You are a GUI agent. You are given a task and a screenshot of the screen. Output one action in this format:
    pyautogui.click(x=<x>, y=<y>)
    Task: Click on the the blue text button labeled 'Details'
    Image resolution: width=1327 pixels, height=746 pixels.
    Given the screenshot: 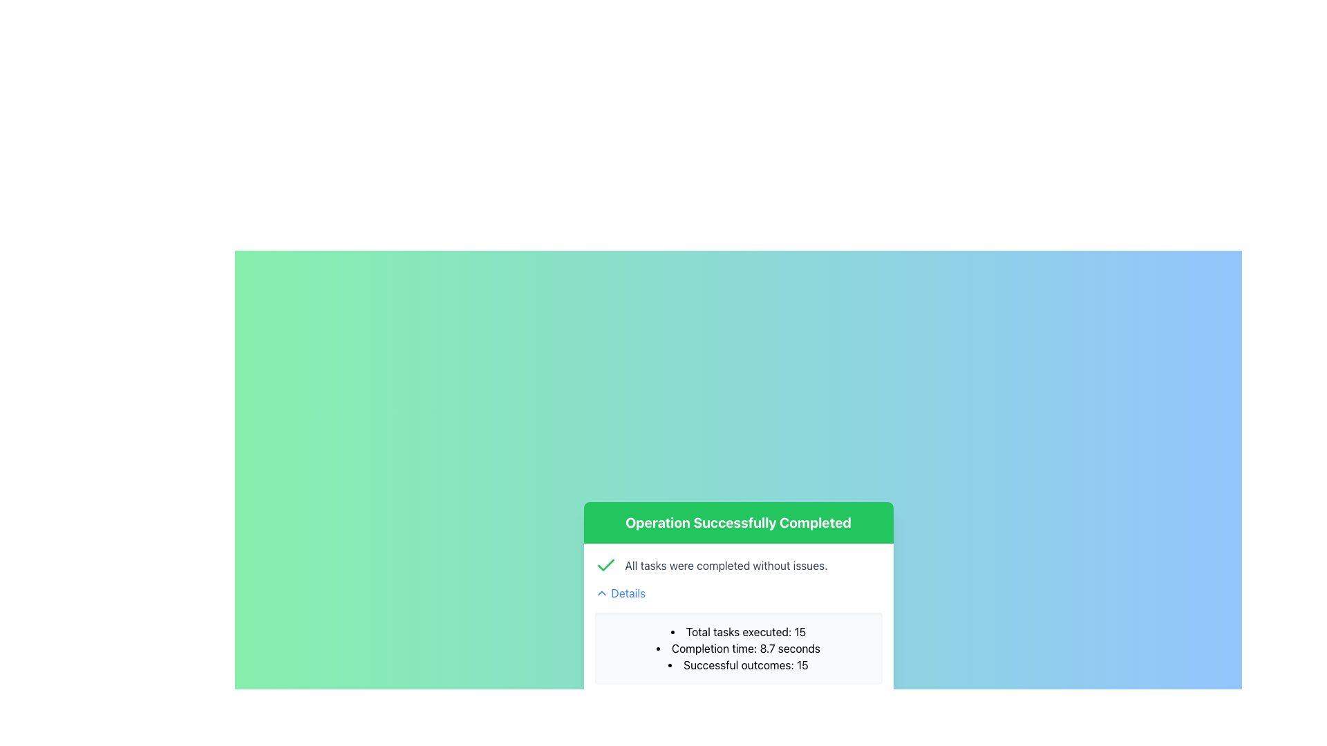 What is the action you would take?
    pyautogui.click(x=619, y=593)
    